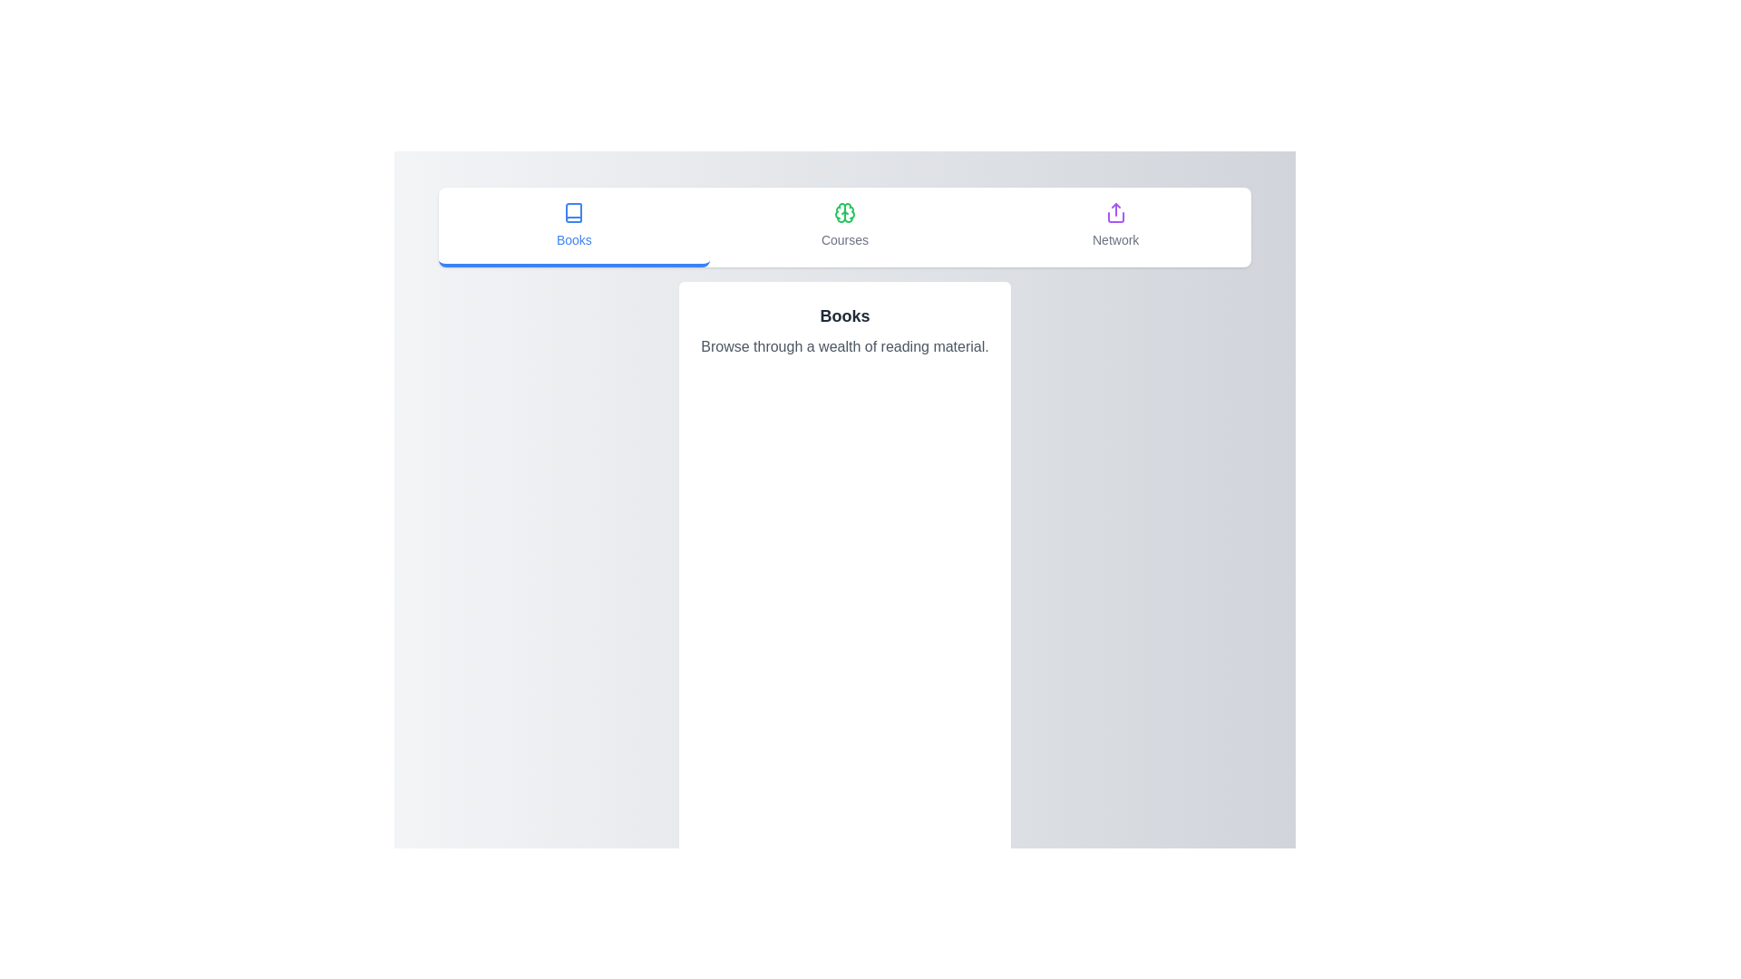 The height and width of the screenshot is (979, 1741). Describe the element at coordinates (573, 226) in the screenshot. I see `the tab labeled Books` at that location.